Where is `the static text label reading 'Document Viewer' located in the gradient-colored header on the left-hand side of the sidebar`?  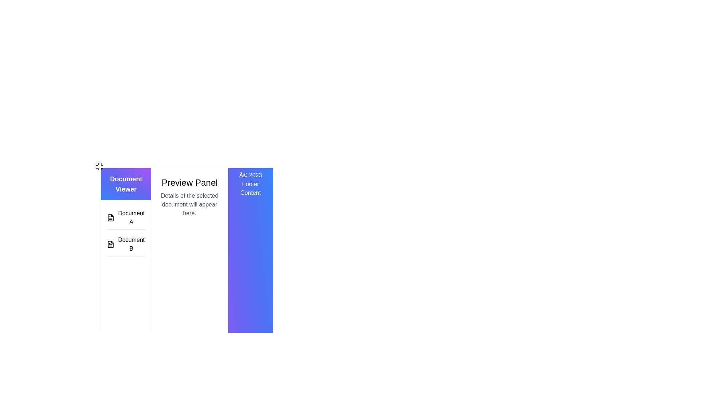 the static text label reading 'Document Viewer' located in the gradient-colored header on the left-hand side of the sidebar is located at coordinates (126, 184).